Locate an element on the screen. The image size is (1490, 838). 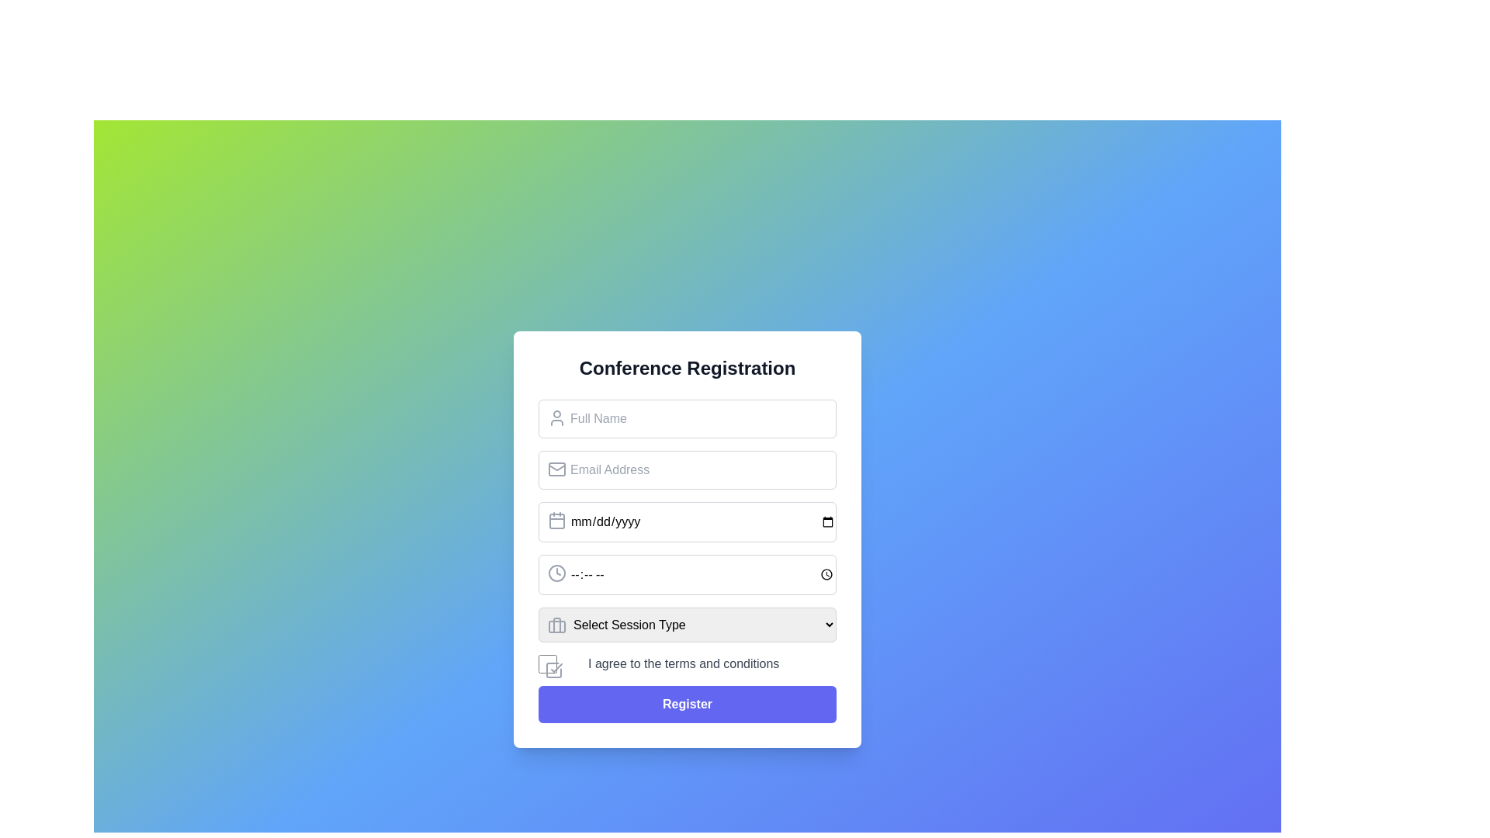
the clock icon located within the time input field, which visually indicates the purpose of the adjacent input field related to time input is located at coordinates (557, 573).